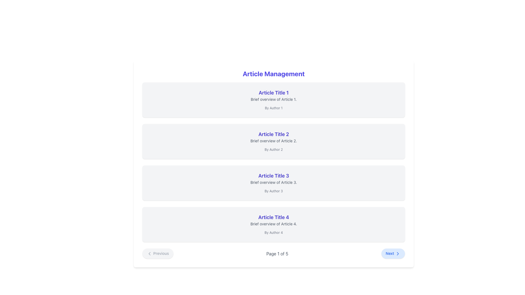 Image resolution: width=525 pixels, height=295 pixels. Describe the element at coordinates (398, 254) in the screenshot. I see `visual indicator icon located at the bottom right corner of the interface, which functions as a 'Next' button` at that location.